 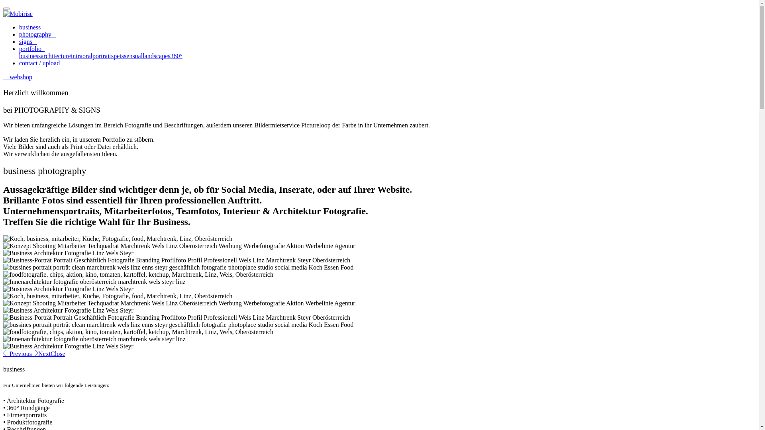 I want to click on 'Close', so click(x=57, y=353).